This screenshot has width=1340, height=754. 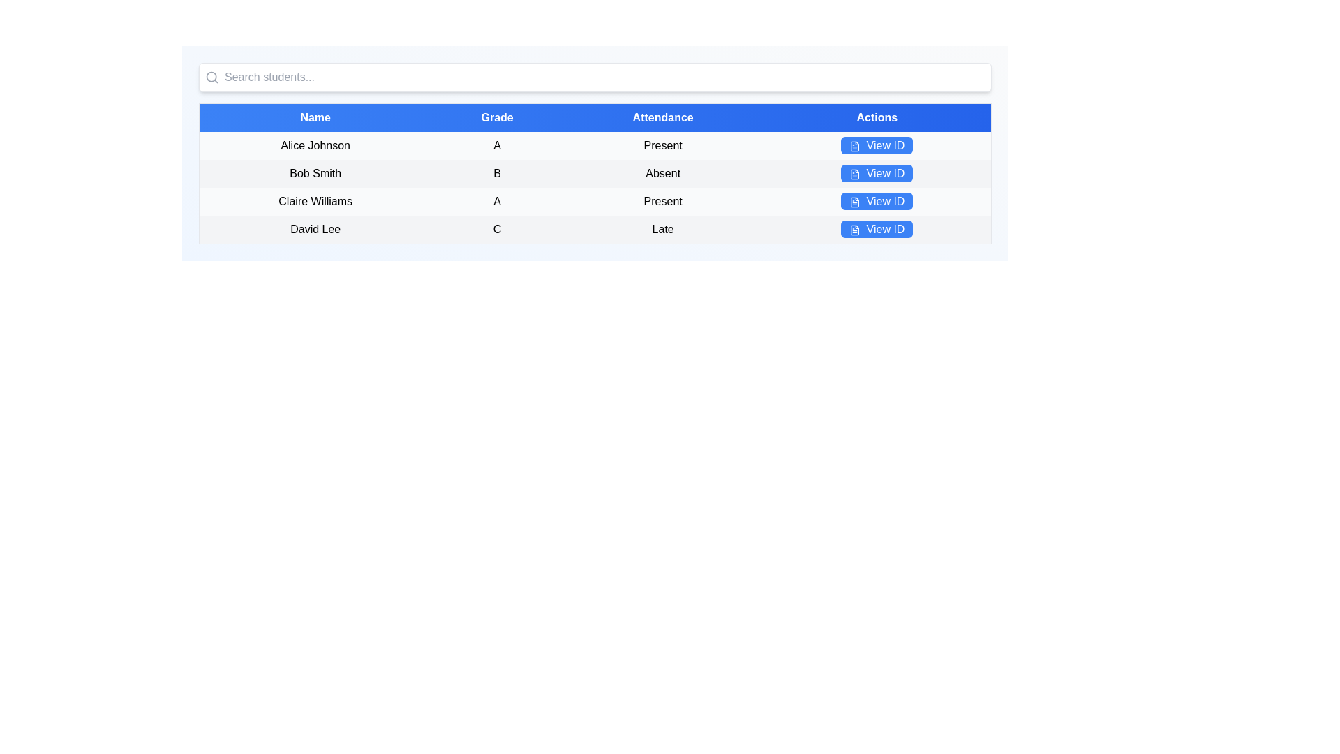 What do you see at coordinates (662, 145) in the screenshot?
I see `the Static Text Label displaying 'Present' in bold style, located in the 'Attendance' column of the table row for student Alice Johnson` at bounding box center [662, 145].